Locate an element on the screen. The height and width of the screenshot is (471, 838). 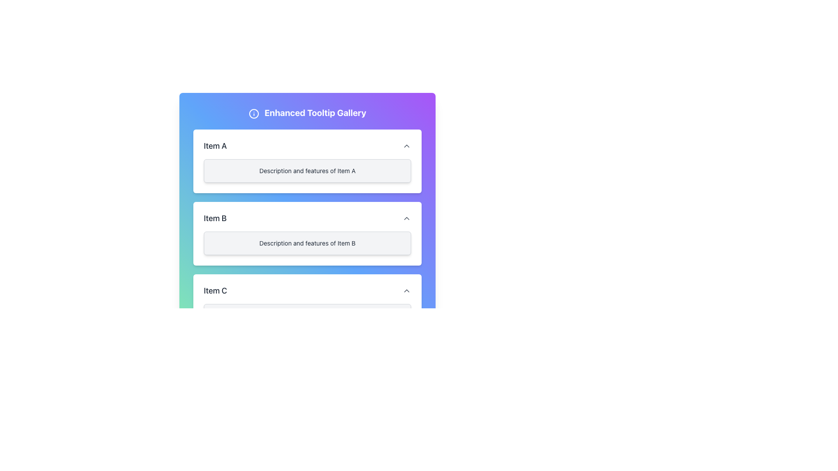
the icon resembling an outlined circle with an information symbol inside it, located to the left of the 'Enhanced Tooltip Gallery' header text is located at coordinates (253, 113).